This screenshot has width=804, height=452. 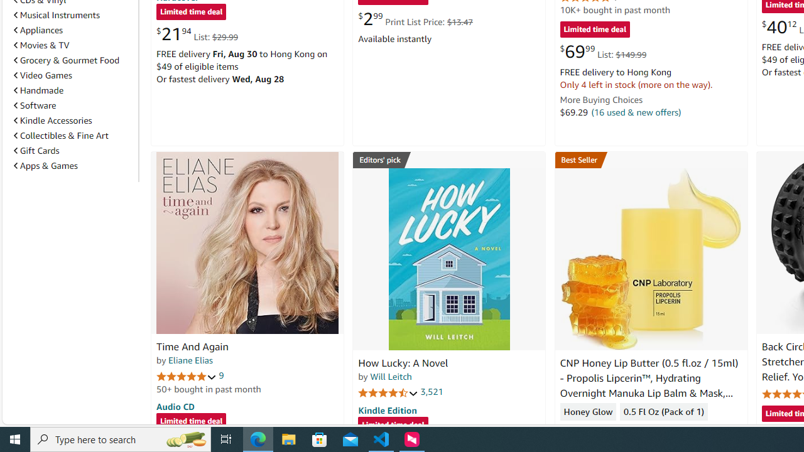 I want to click on '$21.94 List: $29.99', so click(x=197, y=33).